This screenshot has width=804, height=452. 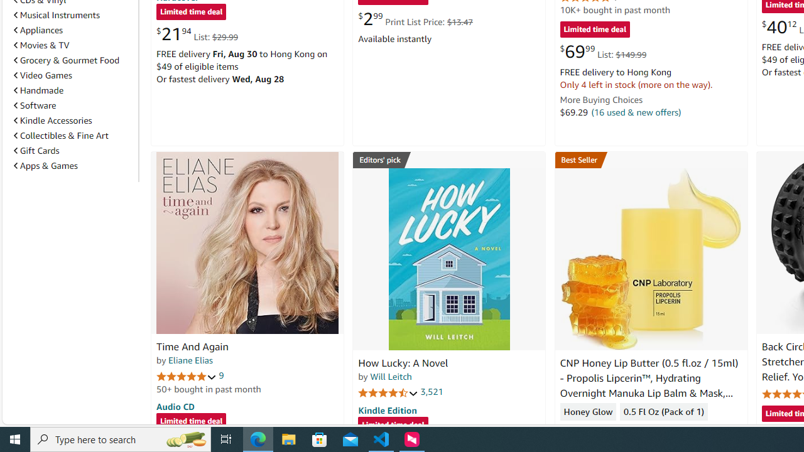 I want to click on '$21.94 List: $29.99', so click(x=197, y=33).